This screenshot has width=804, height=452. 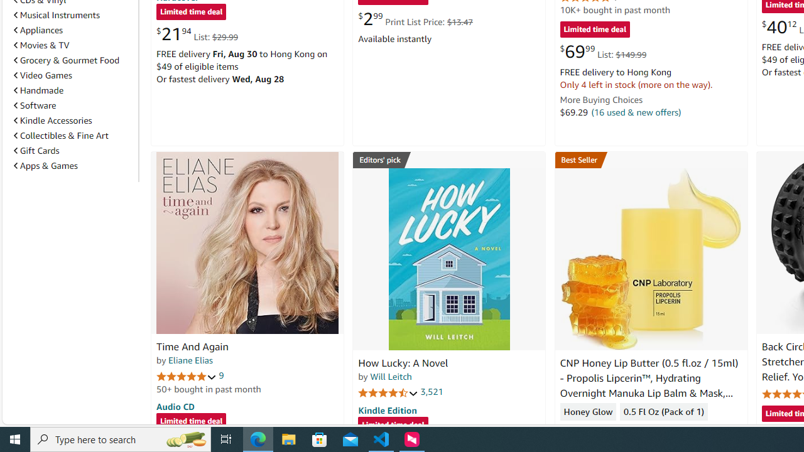 I want to click on '$21.94 List: $29.99', so click(x=197, y=33).